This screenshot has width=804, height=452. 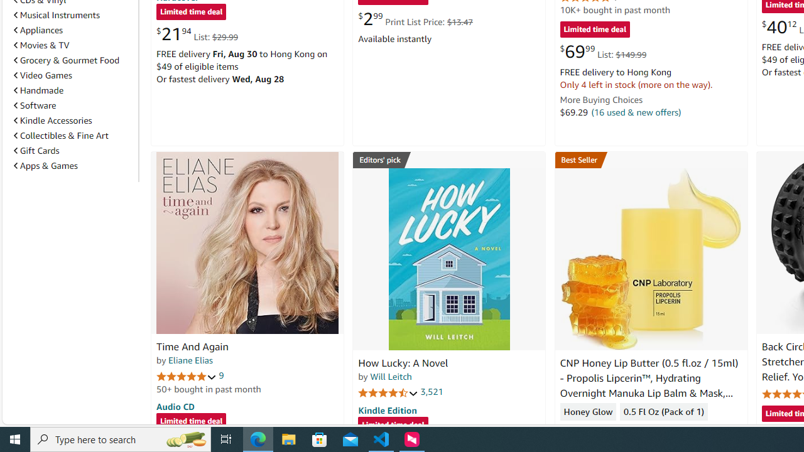 I want to click on '$21.94 List: $29.99', so click(x=197, y=33).